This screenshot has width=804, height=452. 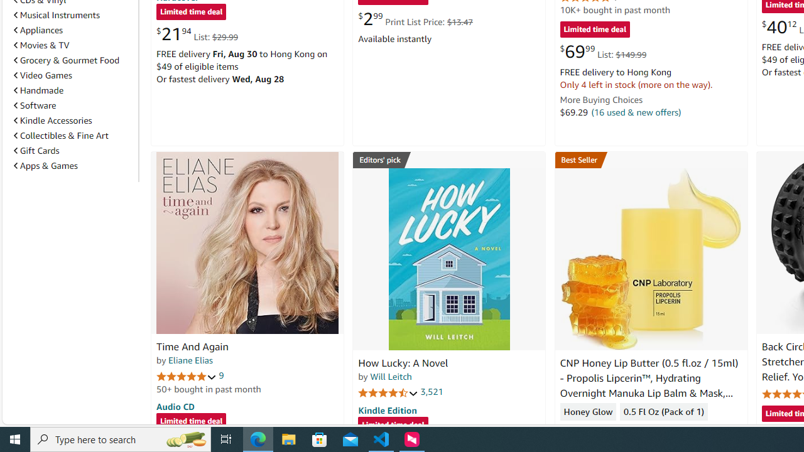 I want to click on '$21.94 List: $29.99', so click(x=197, y=33).